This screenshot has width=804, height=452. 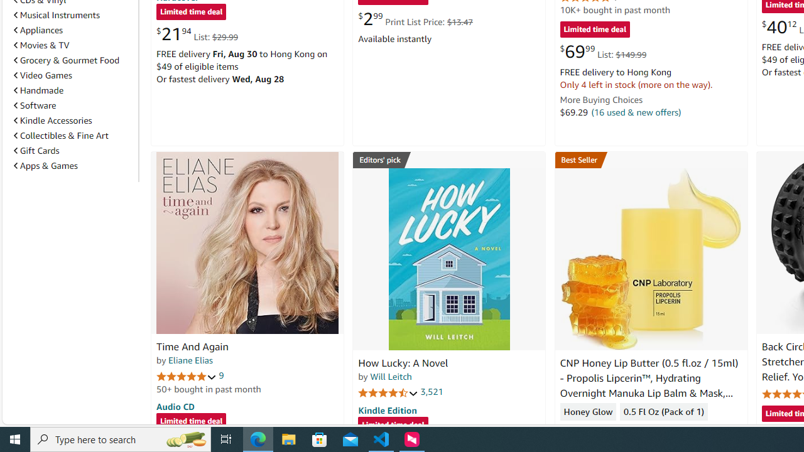 I want to click on '$21.94 List: $29.99', so click(x=197, y=33).